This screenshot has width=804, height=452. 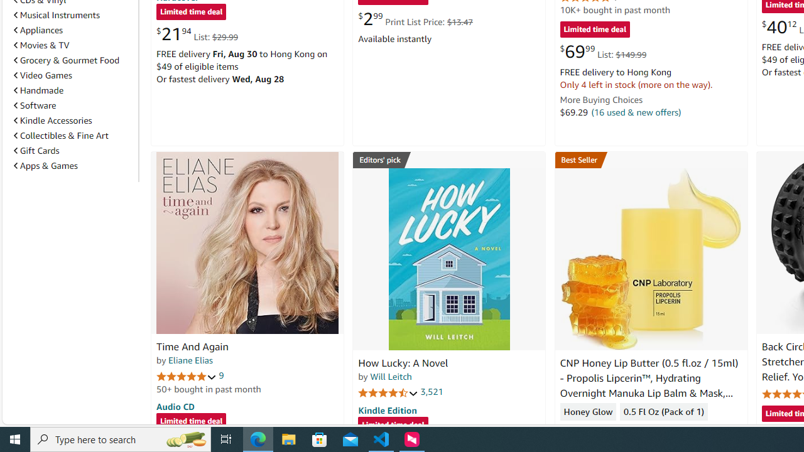 I want to click on '$21.94 List: $29.99', so click(x=197, y=33).